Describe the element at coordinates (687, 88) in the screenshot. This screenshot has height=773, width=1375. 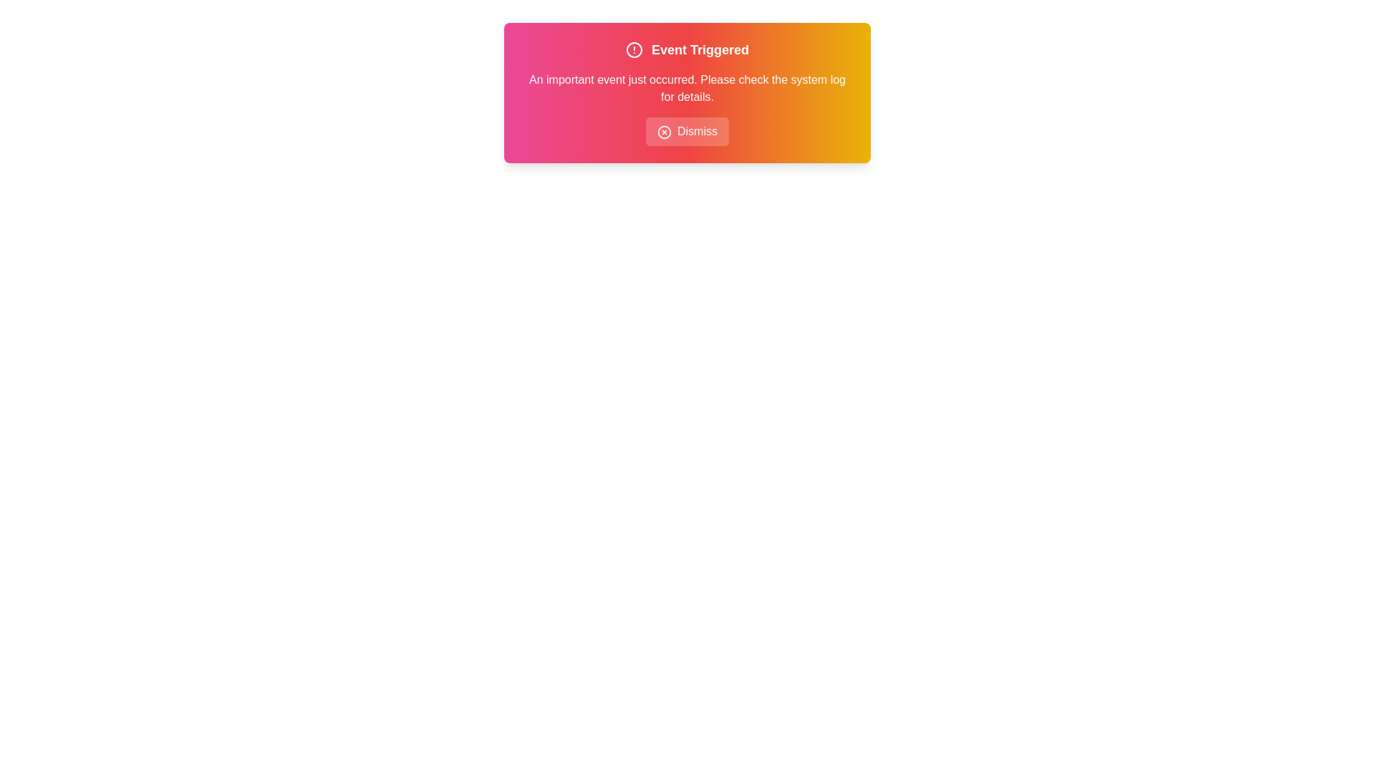
I see `the text label that displays a bold white font message with centered alignment, located centrally below the 'Event Triggered' title and above the dismiss button, within a colorful pink to yellow gradient backdrop` at that location.